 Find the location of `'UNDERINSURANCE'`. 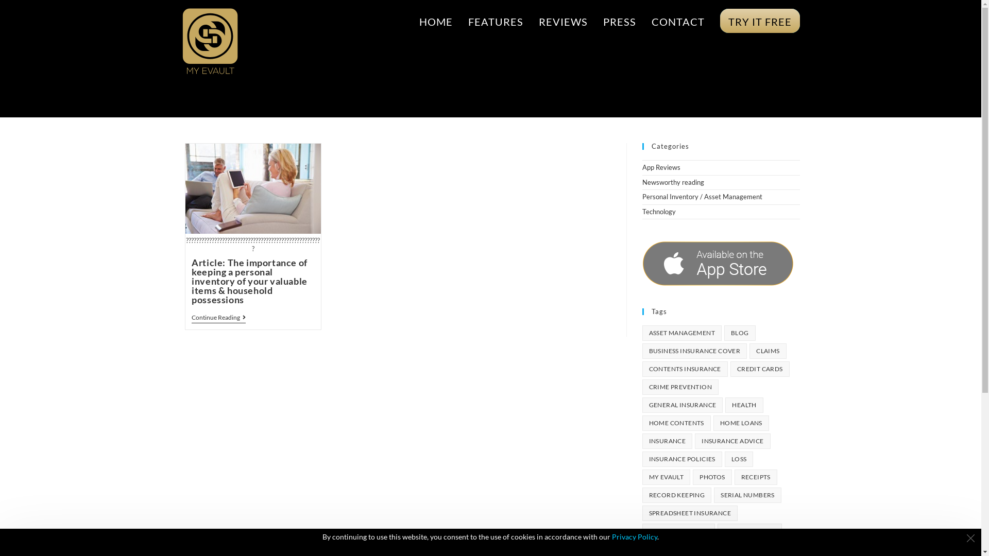

'UNDERINSURANCE' is located at coordinates (678, 531).